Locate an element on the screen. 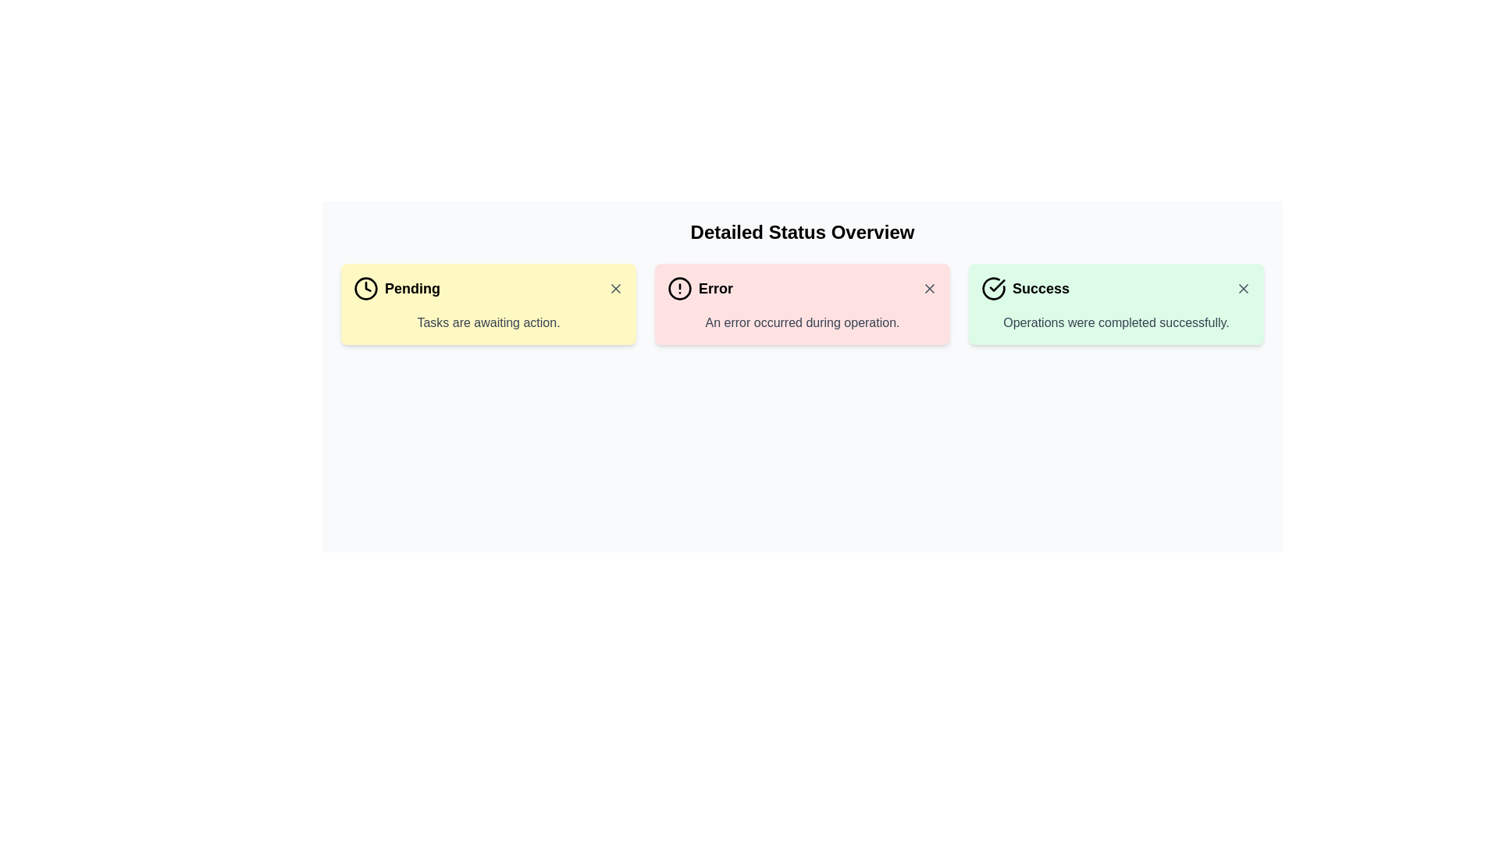 This screenshot has width=1499, height=843. the cross icon button on the red 'Error' background is located at coordinates (929, 289).